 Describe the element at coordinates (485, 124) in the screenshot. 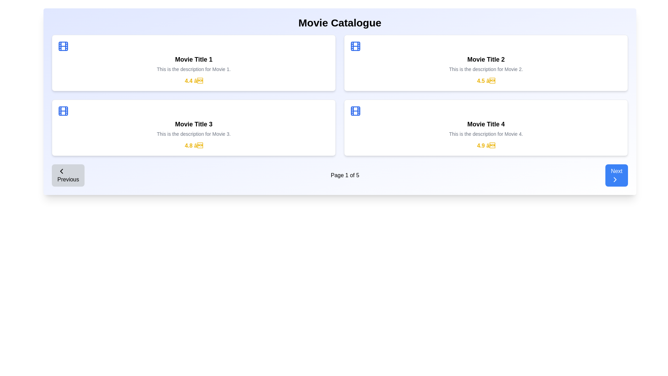

I see `text label displaying 'Movie Title 4', which is styled in bold and slightly larger font, located in the bottom-right movie card above the description and rating` at that location.